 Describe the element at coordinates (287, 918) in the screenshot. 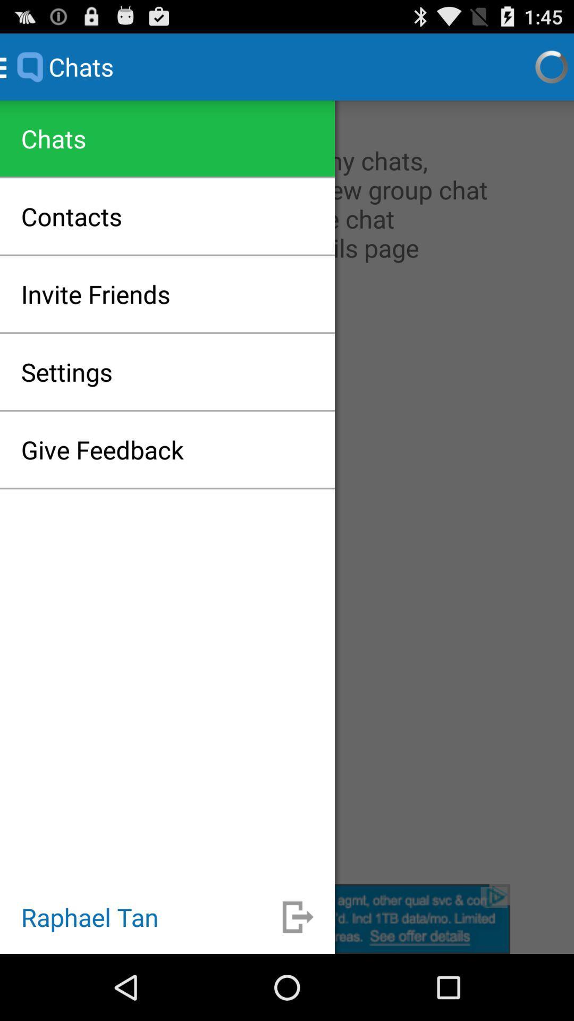

I see `logout the current user` at that location.